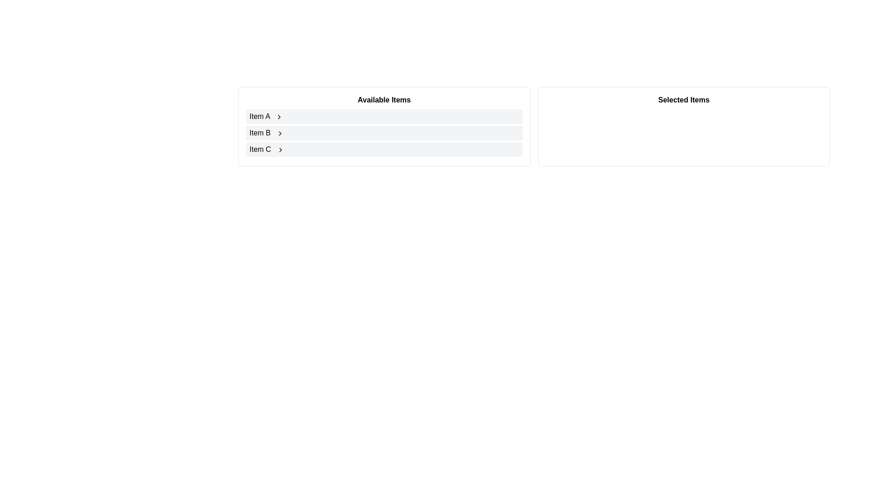 Image resolution: width=879 pixels, height=494 pixels. I want to click on the bold text element labeled 'Available Items', which is positioned as the header above a list of items on the left side of the layout, so click(384, 100).